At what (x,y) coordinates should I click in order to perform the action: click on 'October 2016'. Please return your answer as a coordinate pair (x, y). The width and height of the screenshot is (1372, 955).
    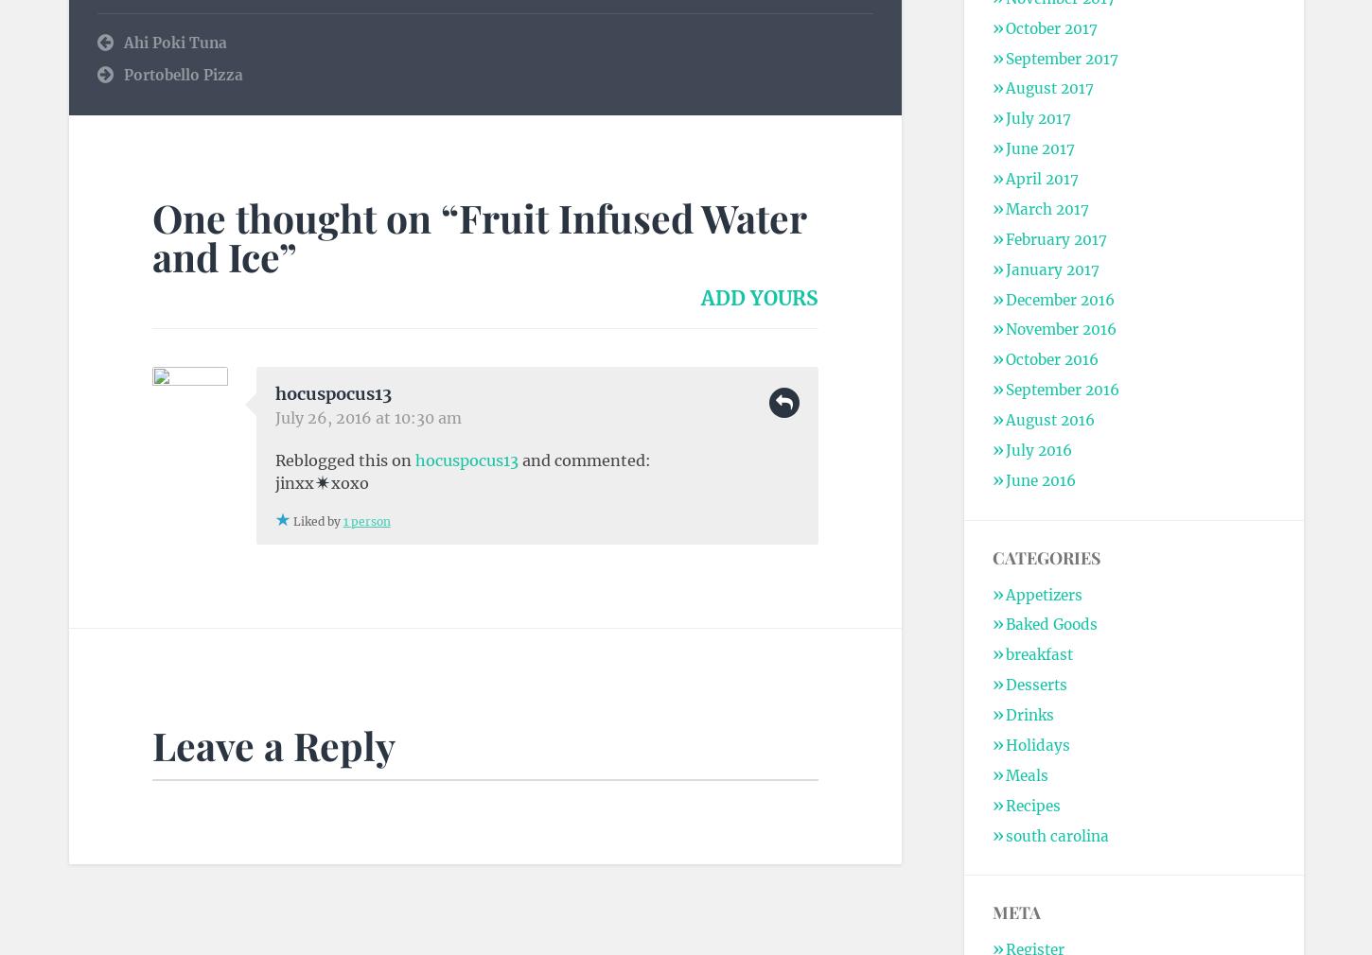
    Looking at the image, I should click on (1049, 359).